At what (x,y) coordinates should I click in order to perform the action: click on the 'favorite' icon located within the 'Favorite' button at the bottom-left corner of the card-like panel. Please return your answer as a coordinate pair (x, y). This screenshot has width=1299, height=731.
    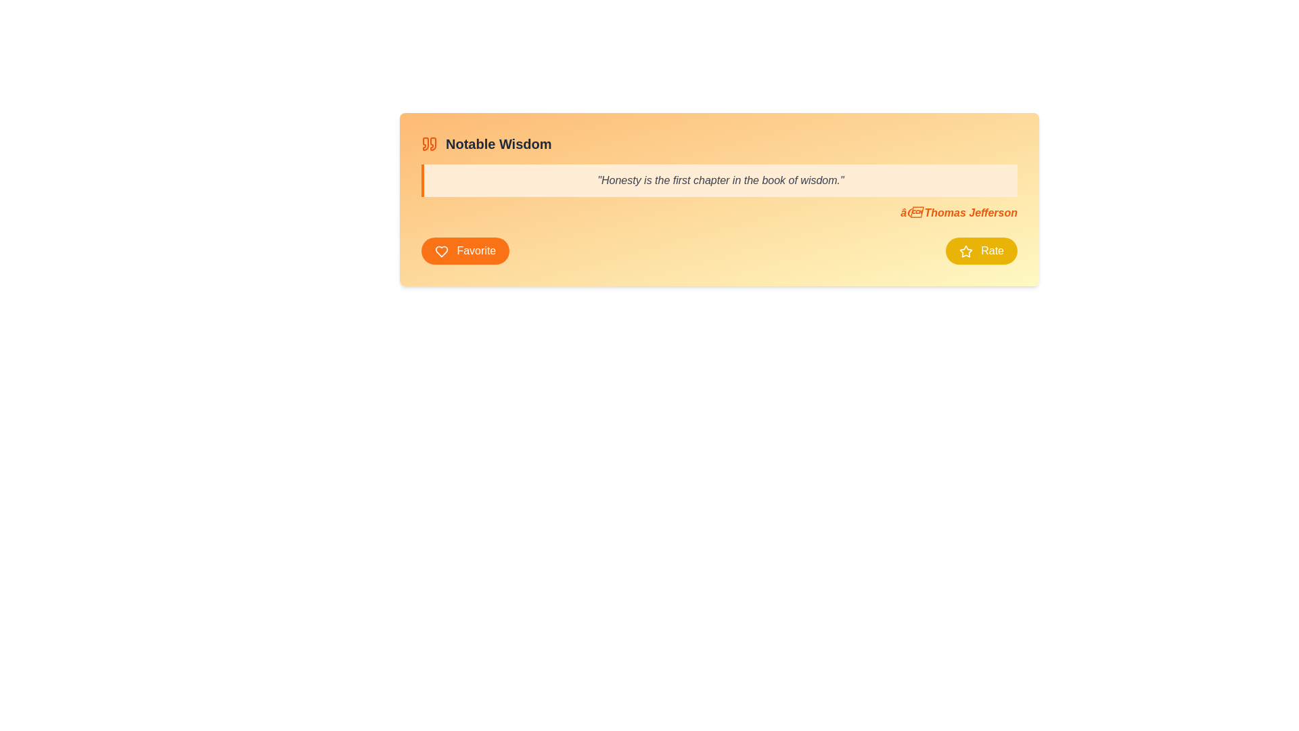
    Looking at the image, I should click on (441, 250).